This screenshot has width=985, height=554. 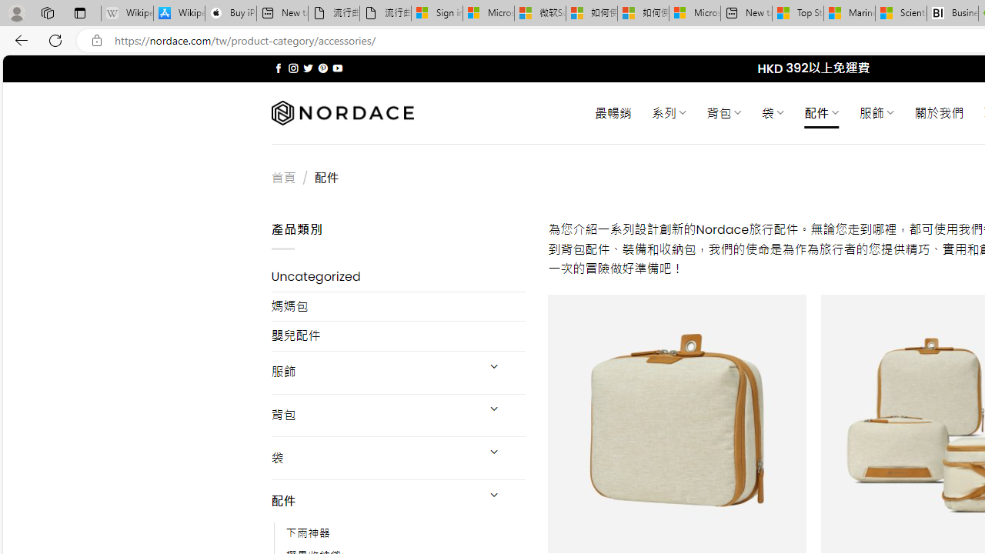 What do you see at coordinates (127, 13) in the screenshot?
I see `'Wikipedia - Sleeping'` at bounding box center [127, 13].